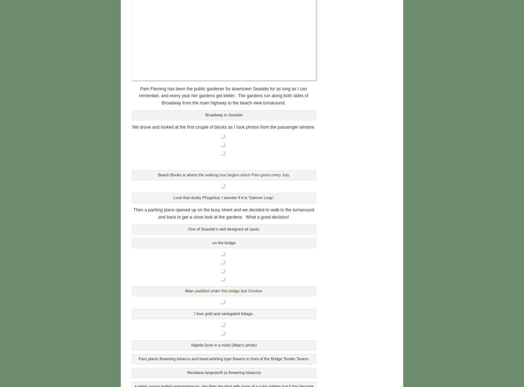 This screenshot has height=387, width=524. What do you see at coordinates (244, 173) in the screenshot?
I see `'the walking tour begins which Pam gives every July.'` at bounding box center [244, 173].